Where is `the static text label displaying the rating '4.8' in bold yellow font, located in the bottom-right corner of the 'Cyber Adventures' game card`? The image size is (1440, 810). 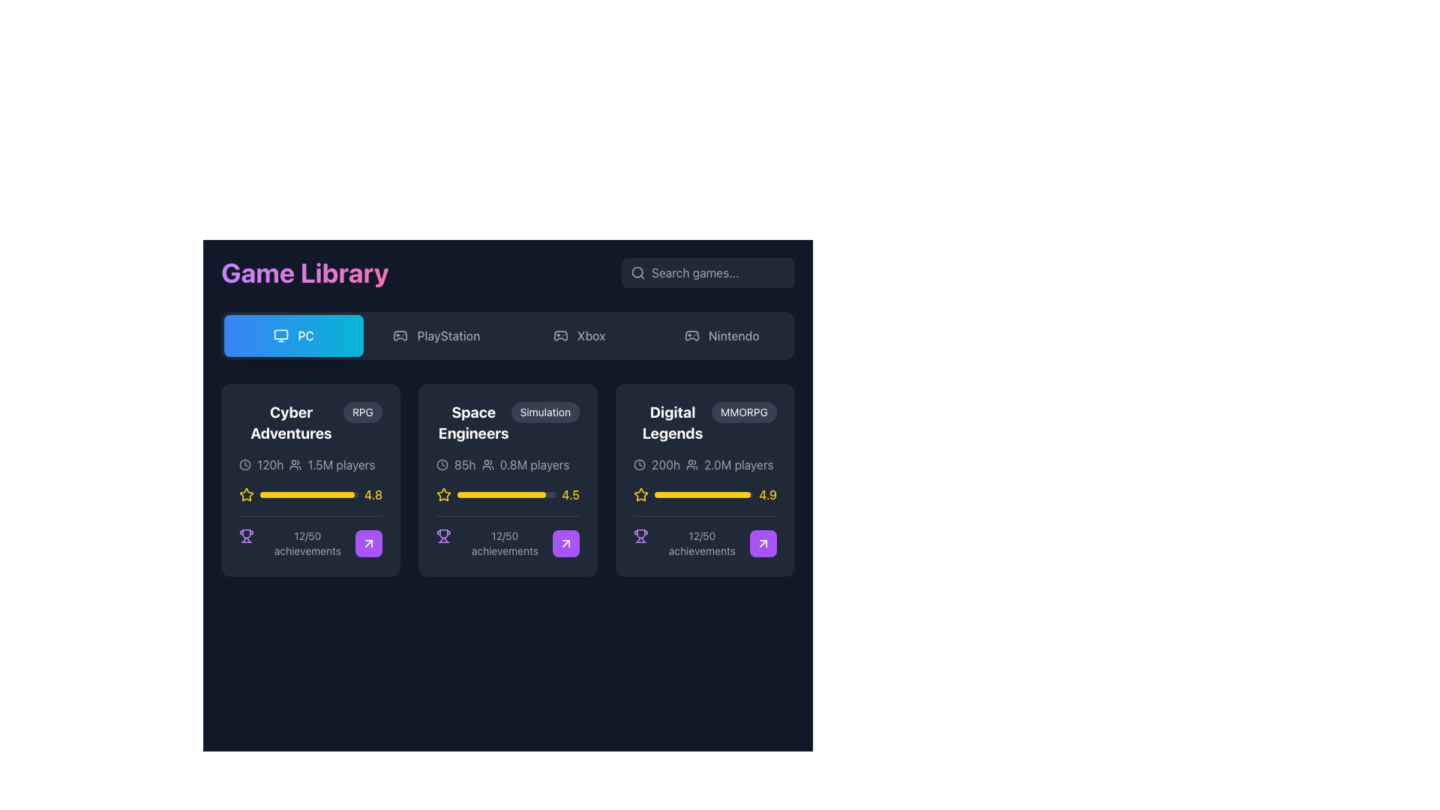 the static text label displaying the rating '4.8' in bold yellow font, located in the bottom-right corner of the 'Cyber Adventures' game card is located at coordinates (373, 494).